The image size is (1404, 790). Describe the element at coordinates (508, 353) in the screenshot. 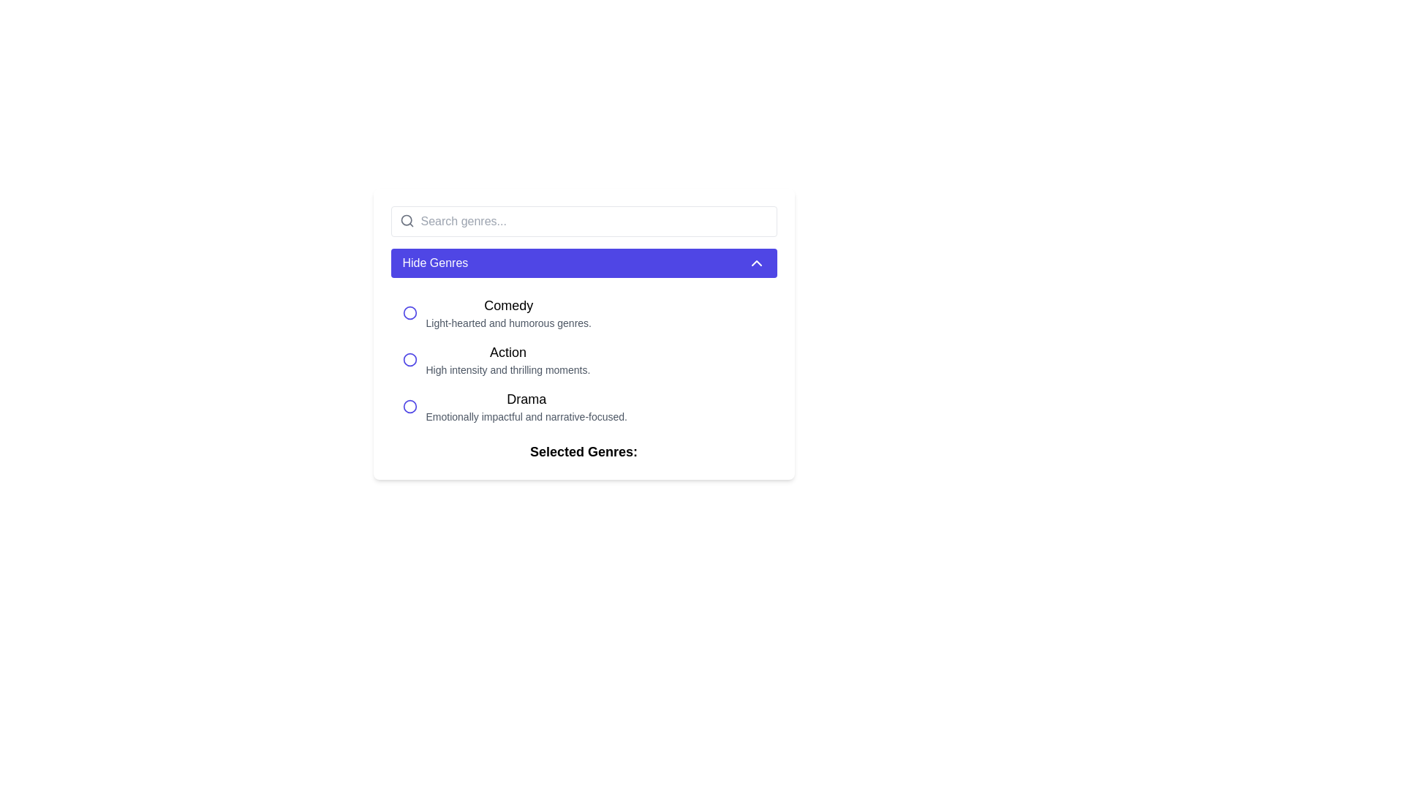

I see `the 'Action' genre title text label, which identifies the genre category in the list of selectable genres` at that location.